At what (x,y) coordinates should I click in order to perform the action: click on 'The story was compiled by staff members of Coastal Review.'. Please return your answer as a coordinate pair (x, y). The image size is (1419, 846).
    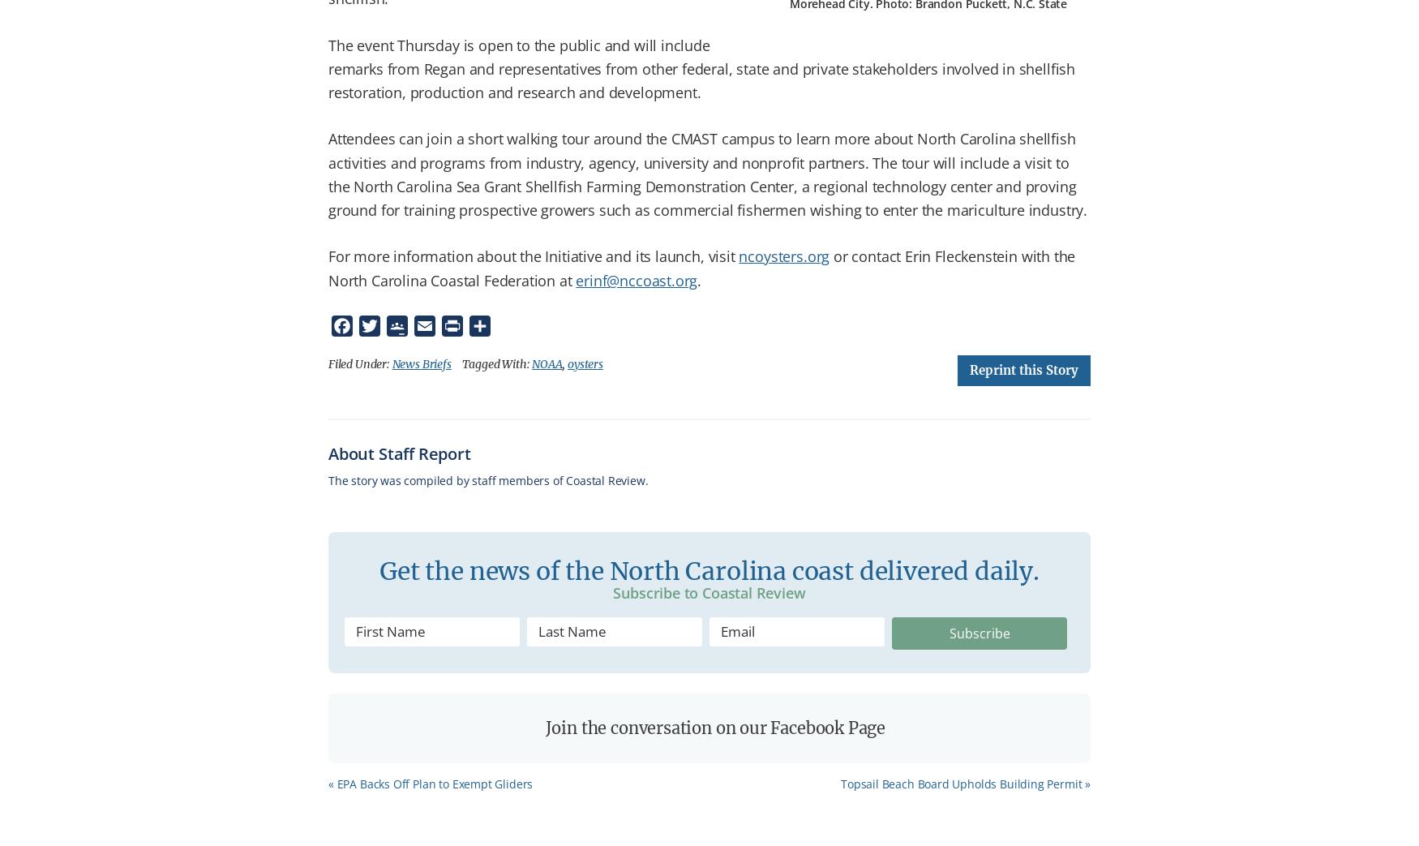
    Looking at the image, I should click on (488, 479).